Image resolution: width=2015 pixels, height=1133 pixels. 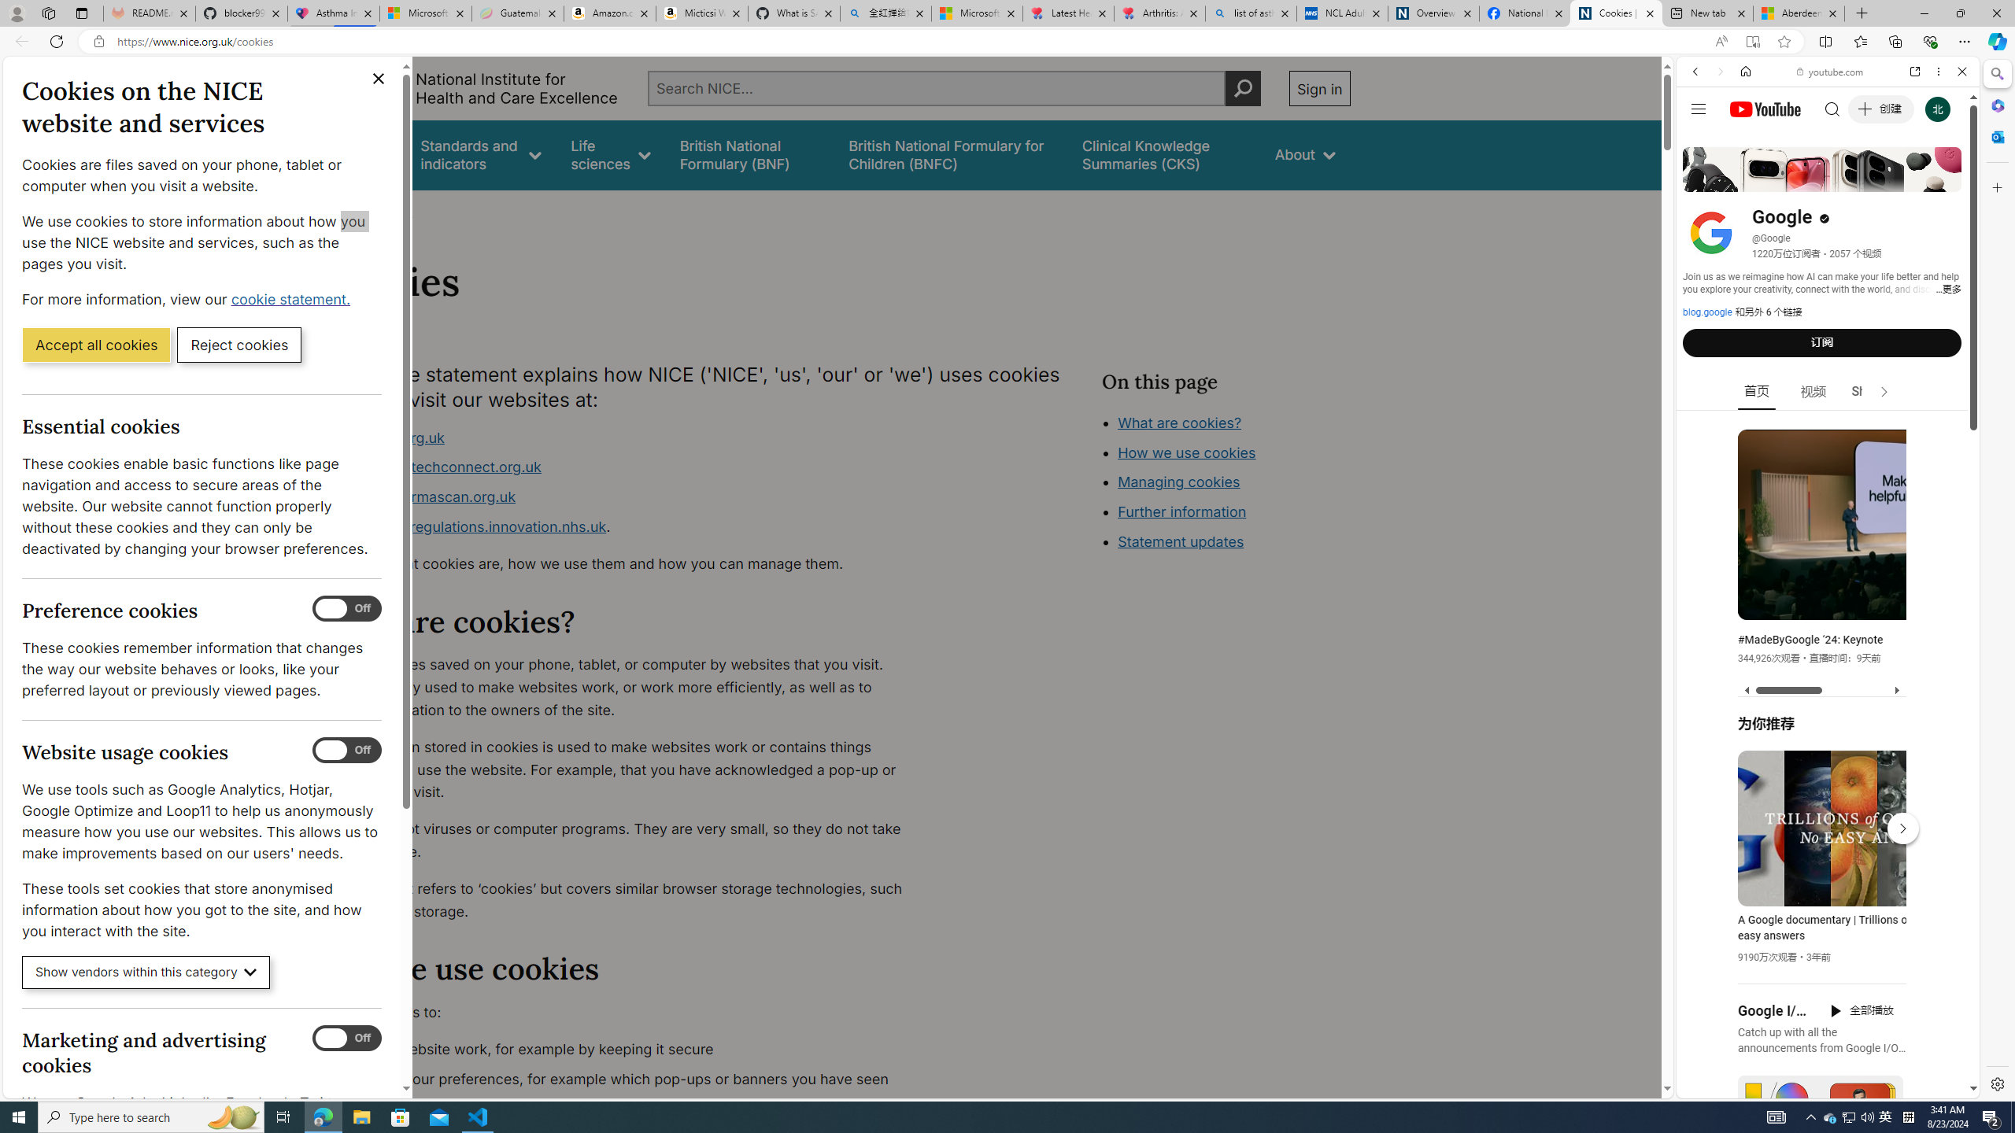 I want to click on 'Preference cookies', so click(x=346, y=608).